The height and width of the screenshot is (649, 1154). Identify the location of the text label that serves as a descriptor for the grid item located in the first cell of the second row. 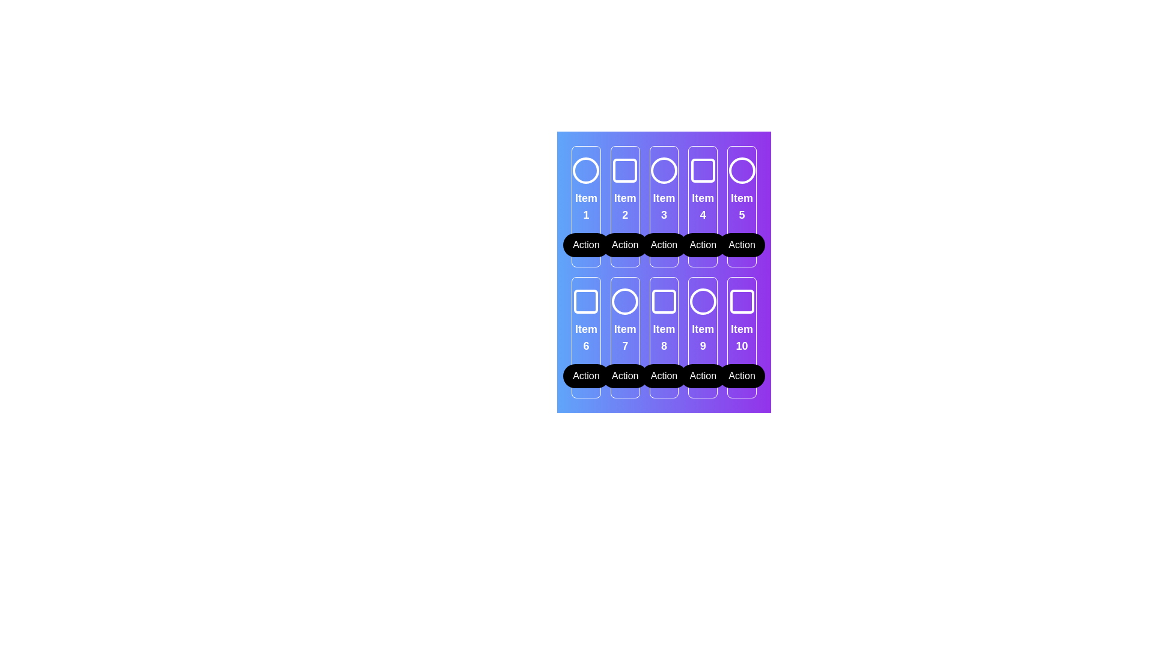
(586, 338).